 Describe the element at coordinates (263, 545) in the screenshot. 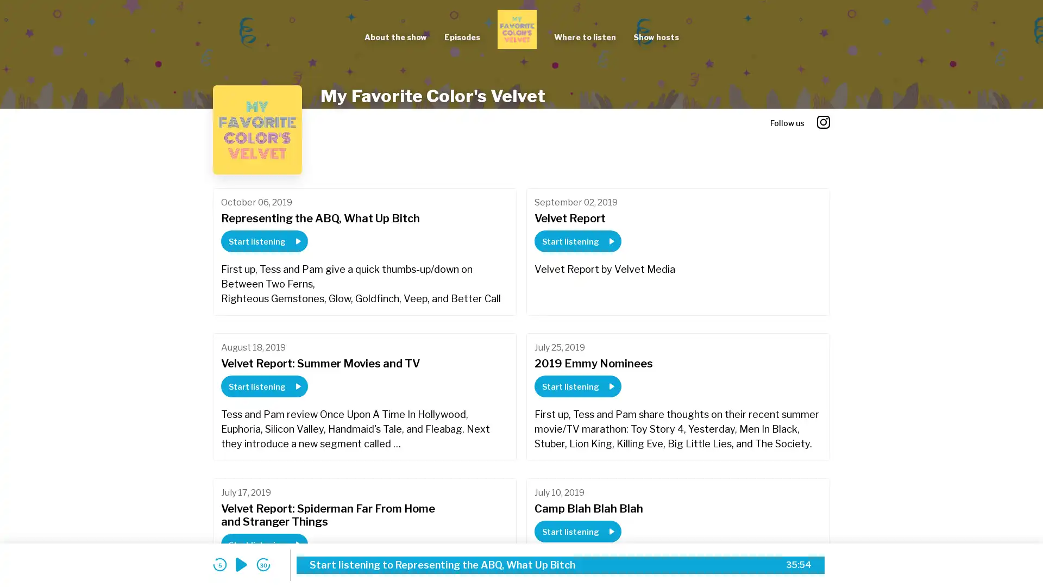

I see `Start listening` at that location.